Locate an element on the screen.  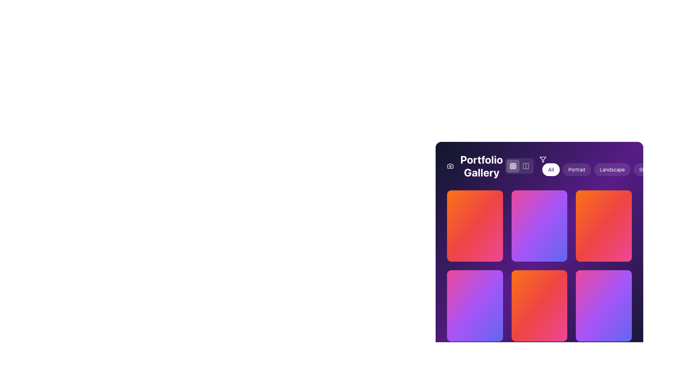
the grid-view toggle button located in the header interface, positioned between the 'Gallery' text and a filter icon is located at coordinates (513, 166).